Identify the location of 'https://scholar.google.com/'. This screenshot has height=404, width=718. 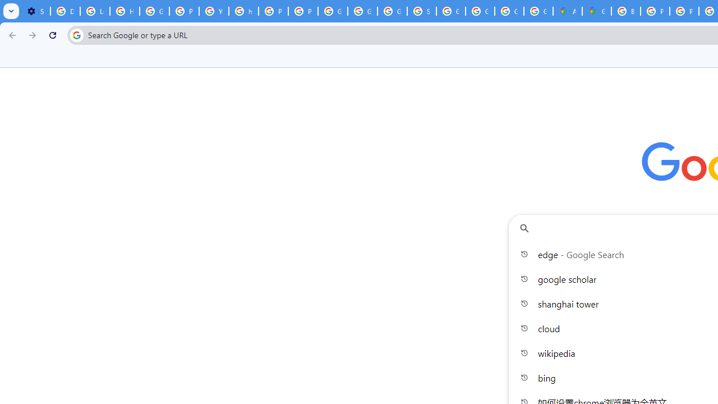
(243, 11).